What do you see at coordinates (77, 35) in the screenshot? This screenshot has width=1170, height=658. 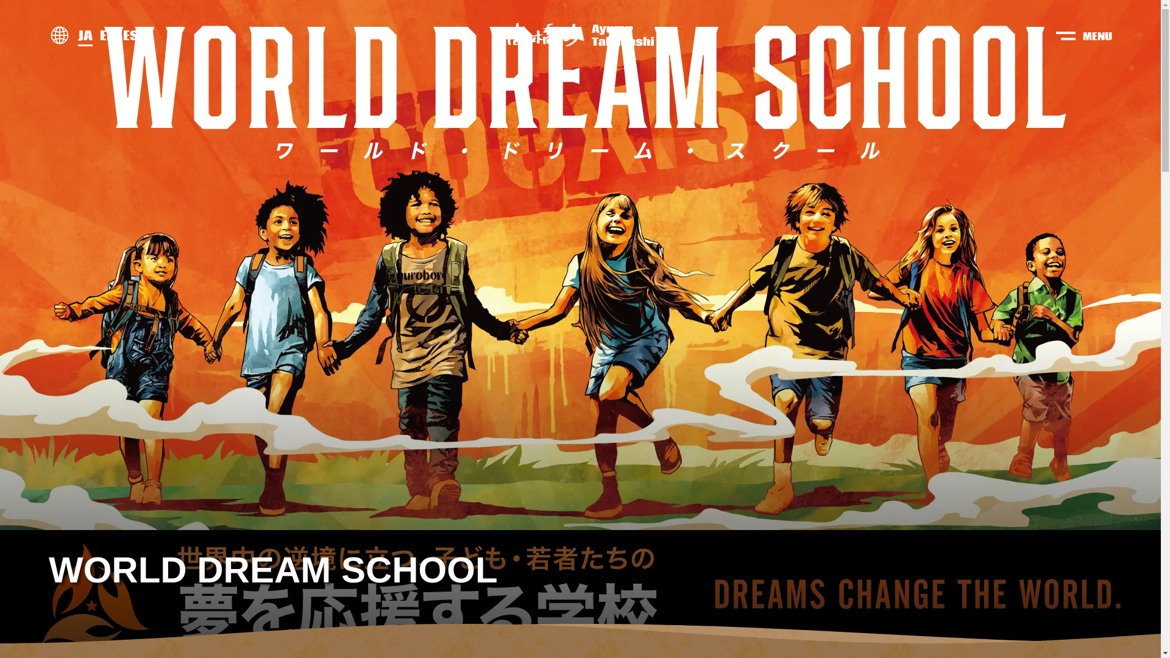 I see `'JA'` at bounding box center [77, 35].